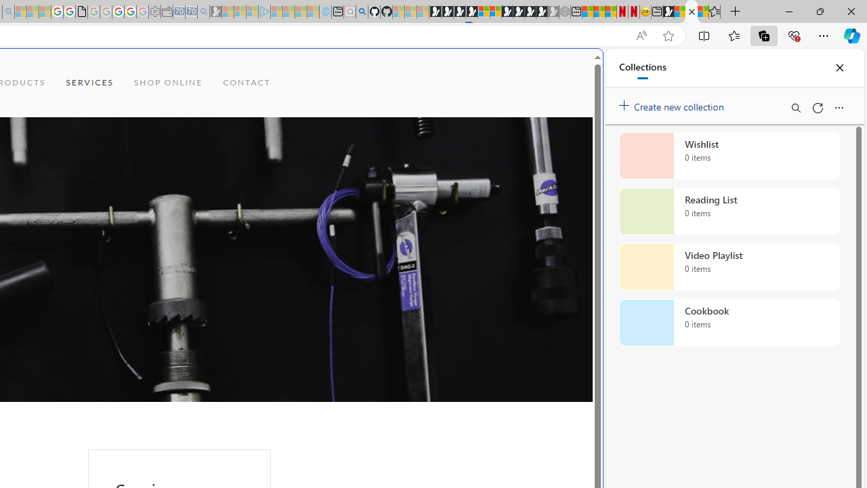 This screenshot has height=488, width=867. Describe the element at coordinates (187, 180) in the screenshot. I see `'Tabs you'` at that location.